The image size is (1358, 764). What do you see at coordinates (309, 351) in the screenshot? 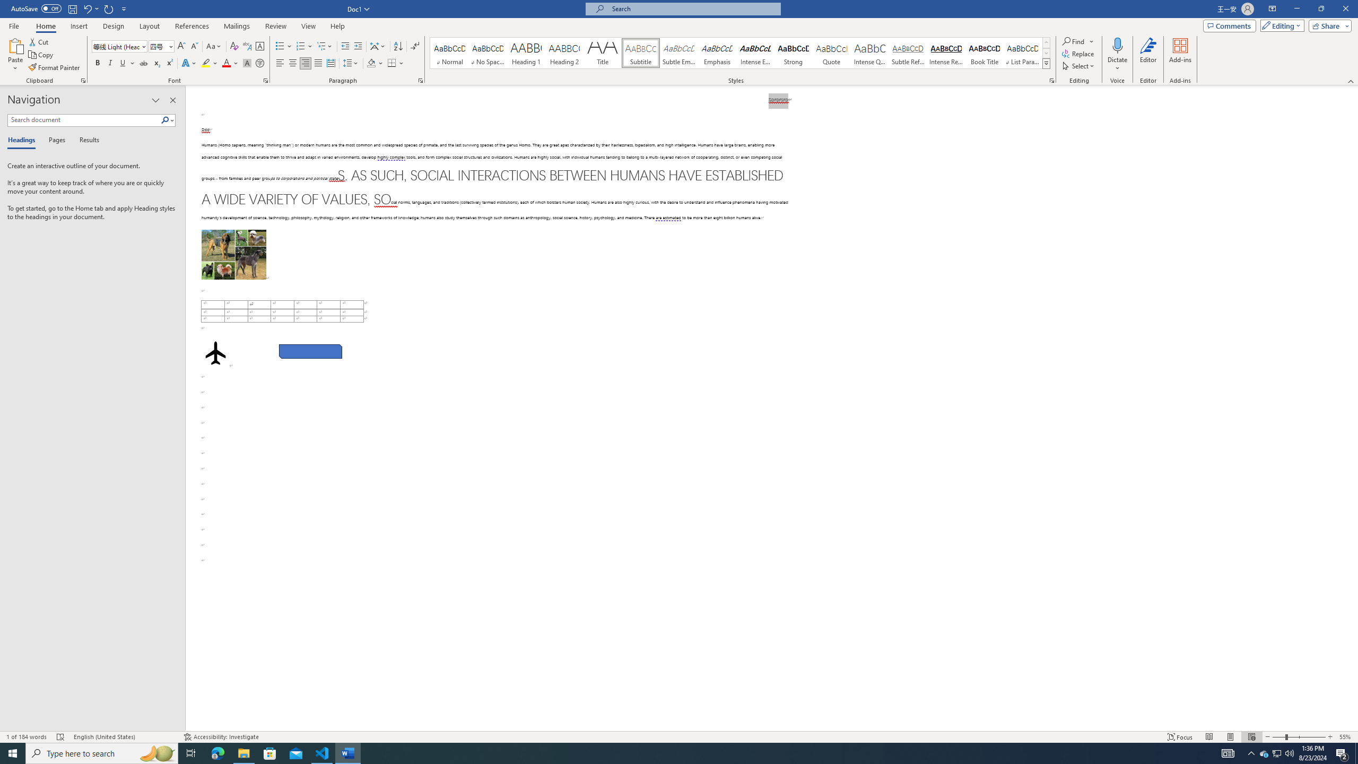
I see `'Rectangle: Diagonal Corners Snipped 2'` at bounding box center [309, 351].